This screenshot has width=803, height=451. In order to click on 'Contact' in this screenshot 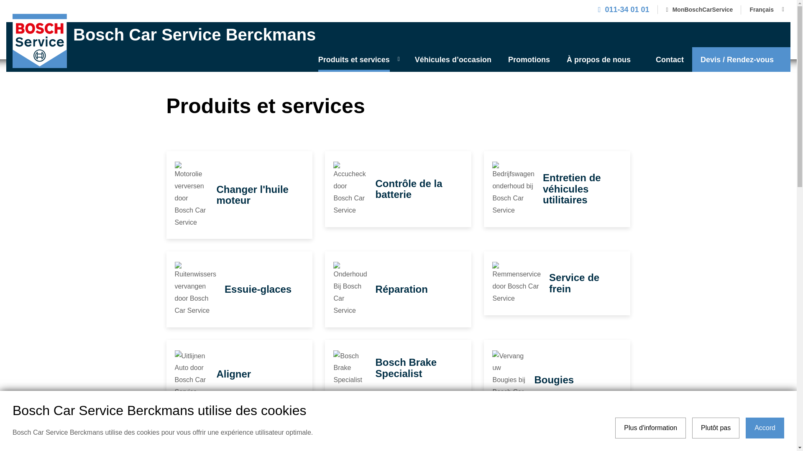, I will do `click(670, 59)`.